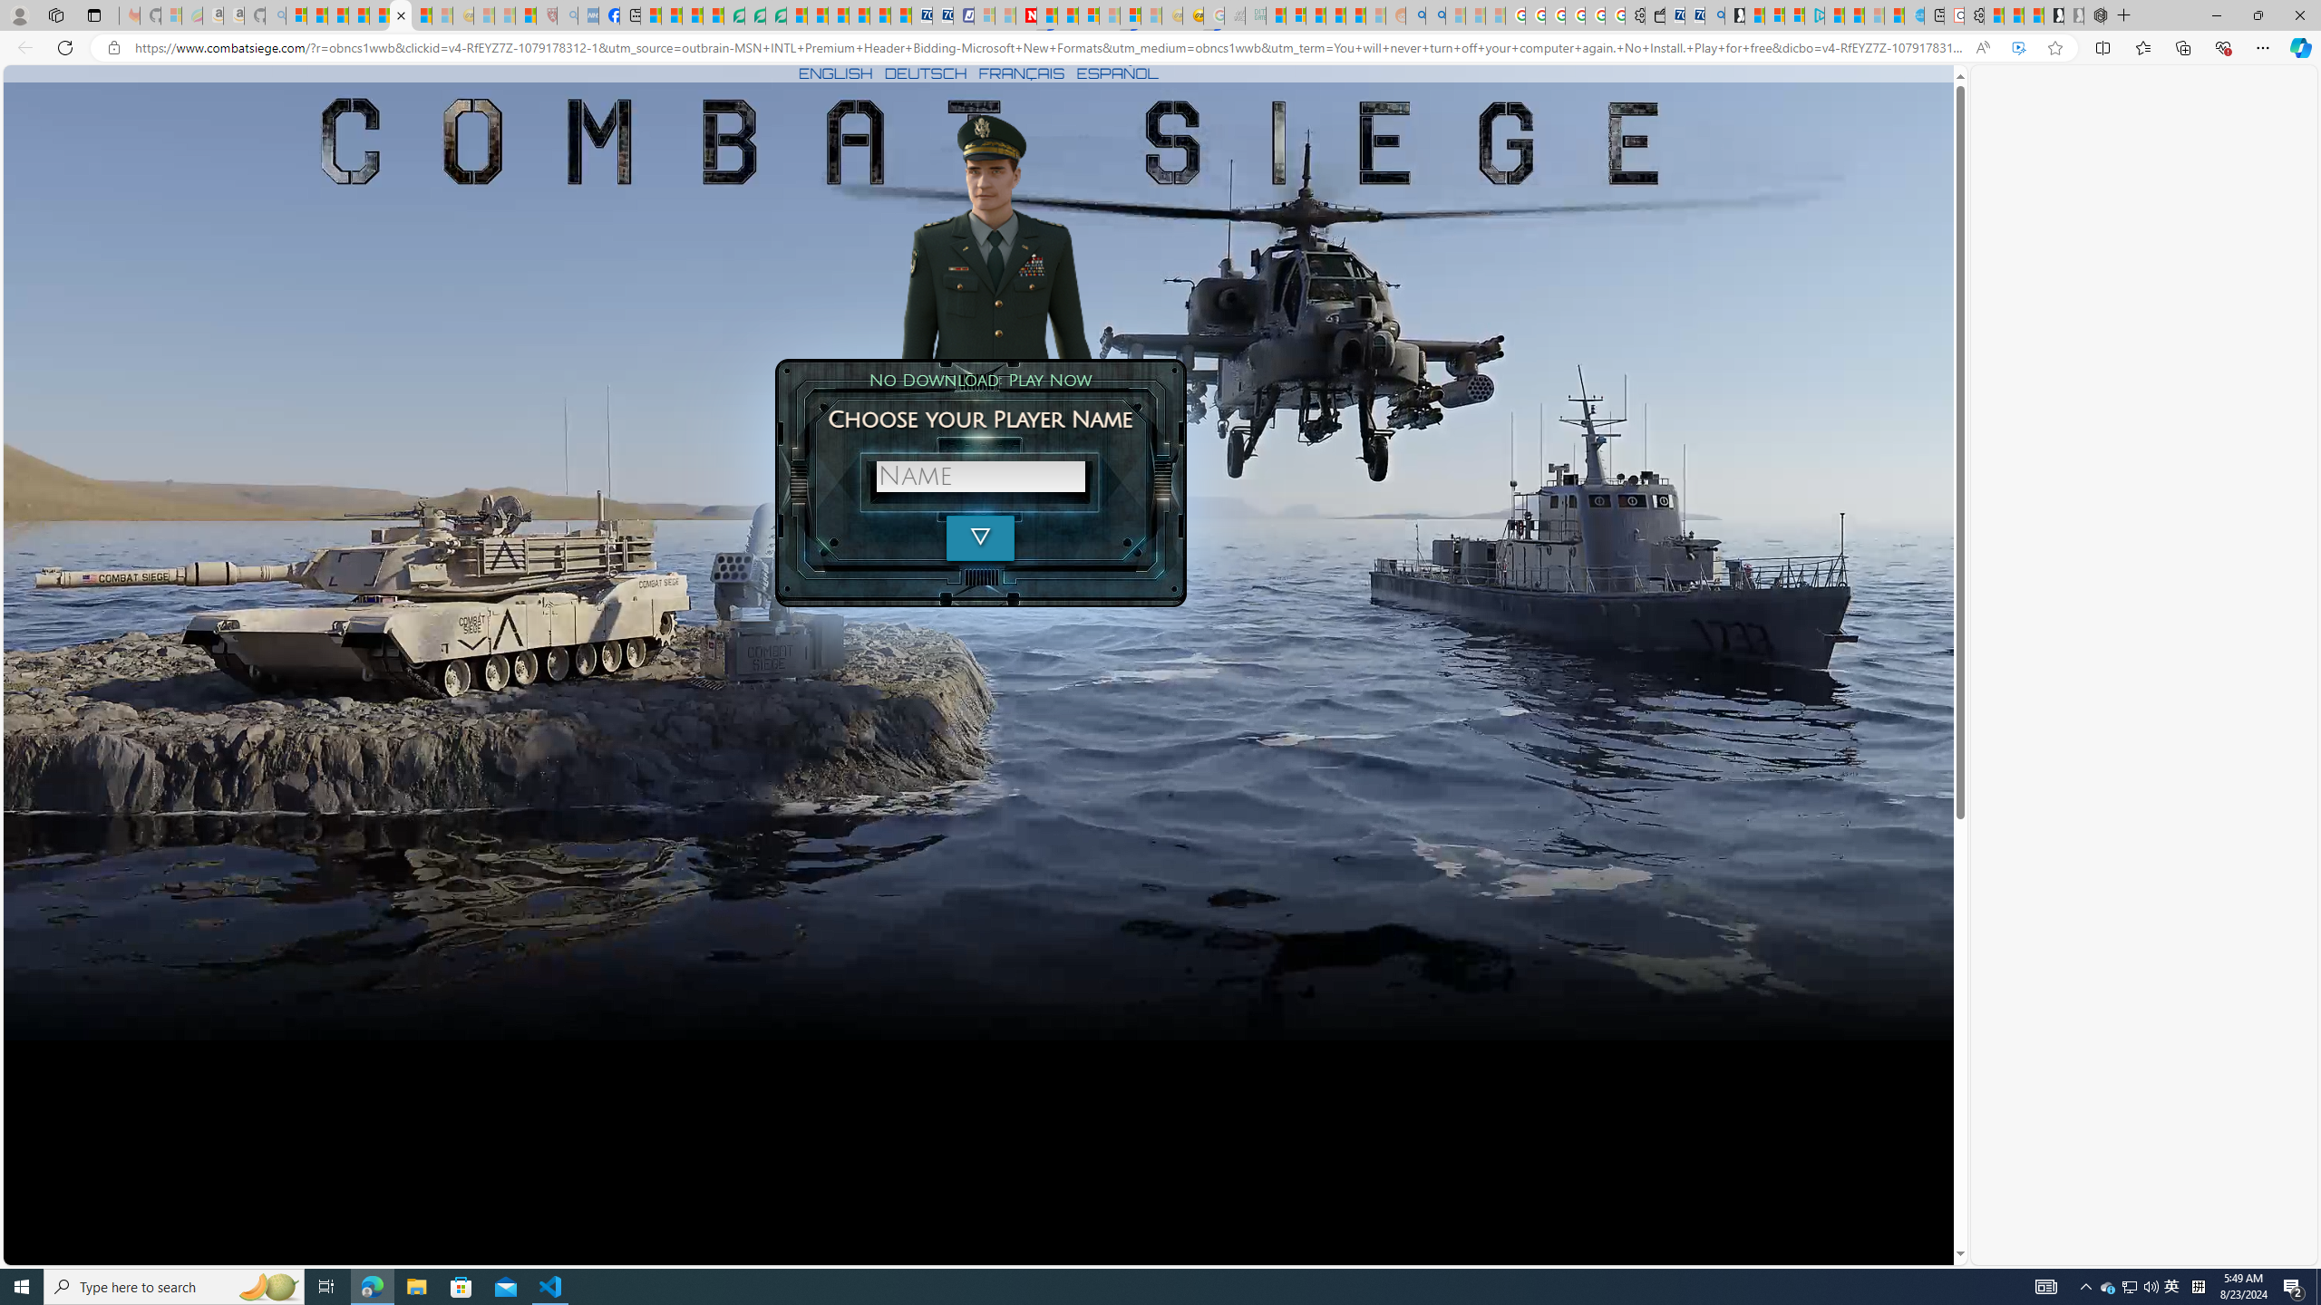  I want to click on 'Bing Real Estate - Home sales and rental listings', so click(1714, 14).